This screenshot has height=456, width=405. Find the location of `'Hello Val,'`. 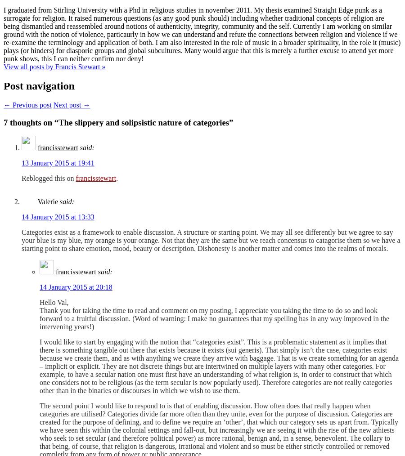

'Hello Val,' is located at coordinates (54, 302).